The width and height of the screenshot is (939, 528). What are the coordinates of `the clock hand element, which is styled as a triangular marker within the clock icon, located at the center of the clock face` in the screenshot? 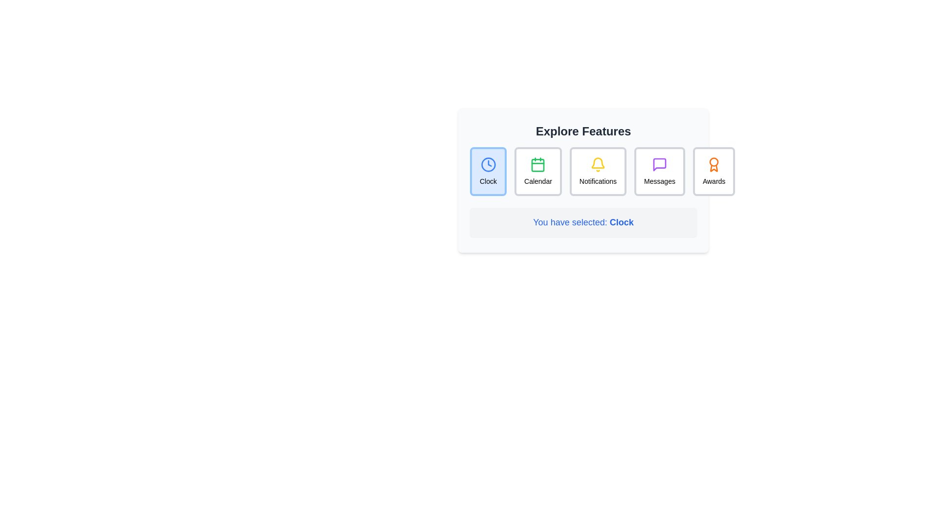 It's located at (490, 163).